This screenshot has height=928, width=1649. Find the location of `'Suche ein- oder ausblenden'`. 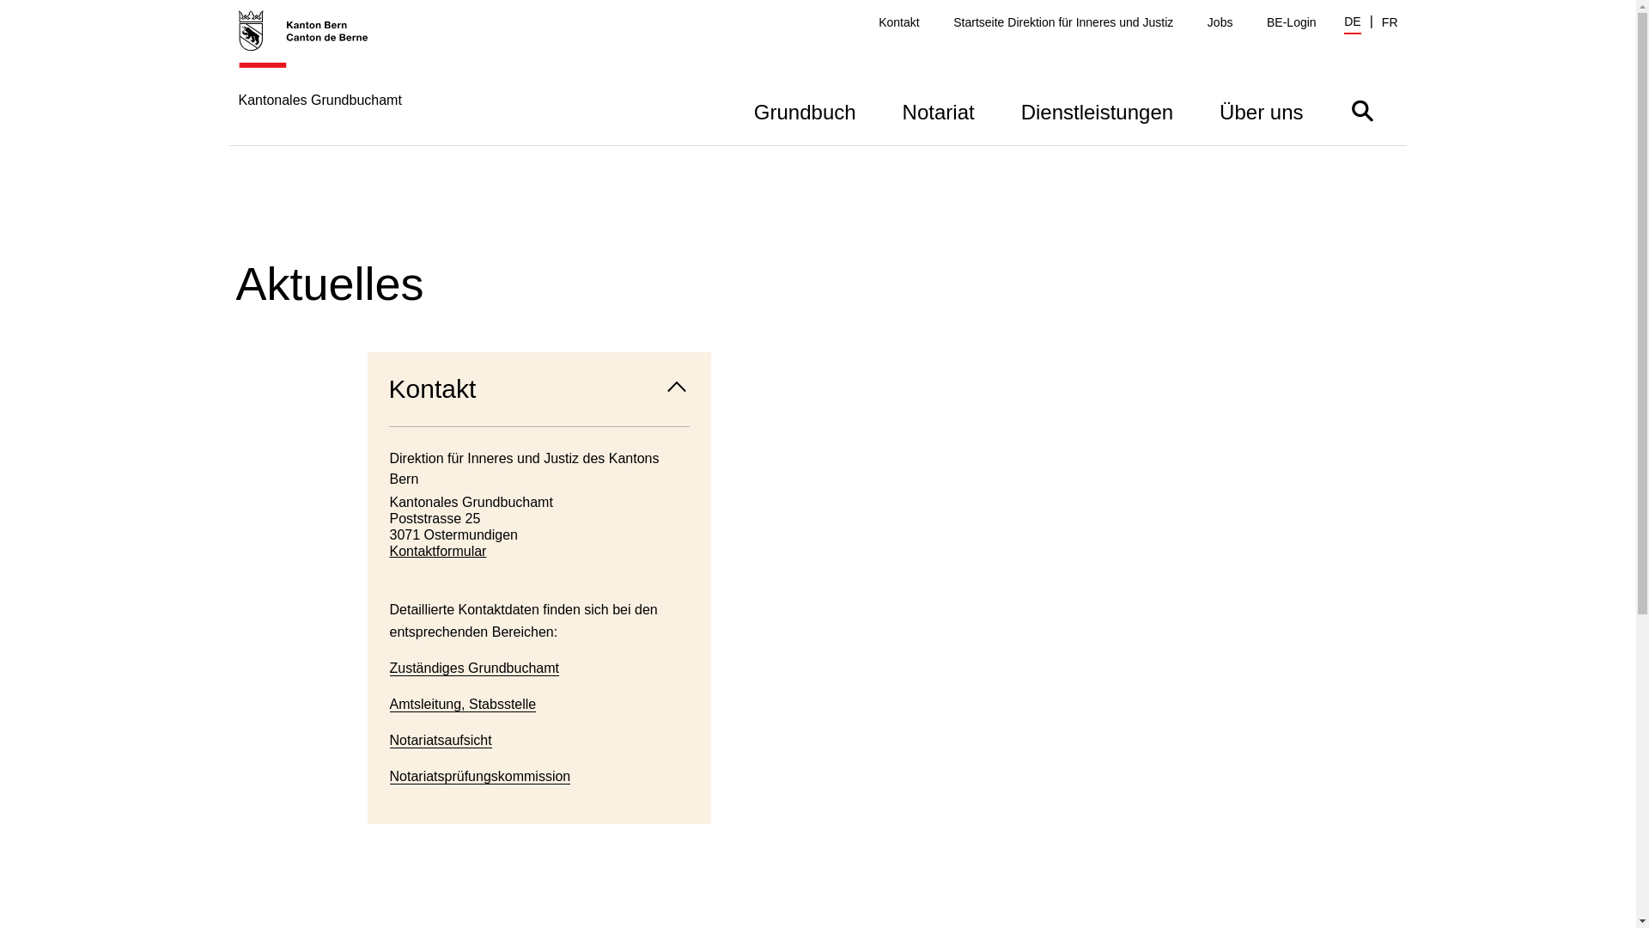

'Suche ein- oder ausblenden' is located at coordinates (1360, 110).